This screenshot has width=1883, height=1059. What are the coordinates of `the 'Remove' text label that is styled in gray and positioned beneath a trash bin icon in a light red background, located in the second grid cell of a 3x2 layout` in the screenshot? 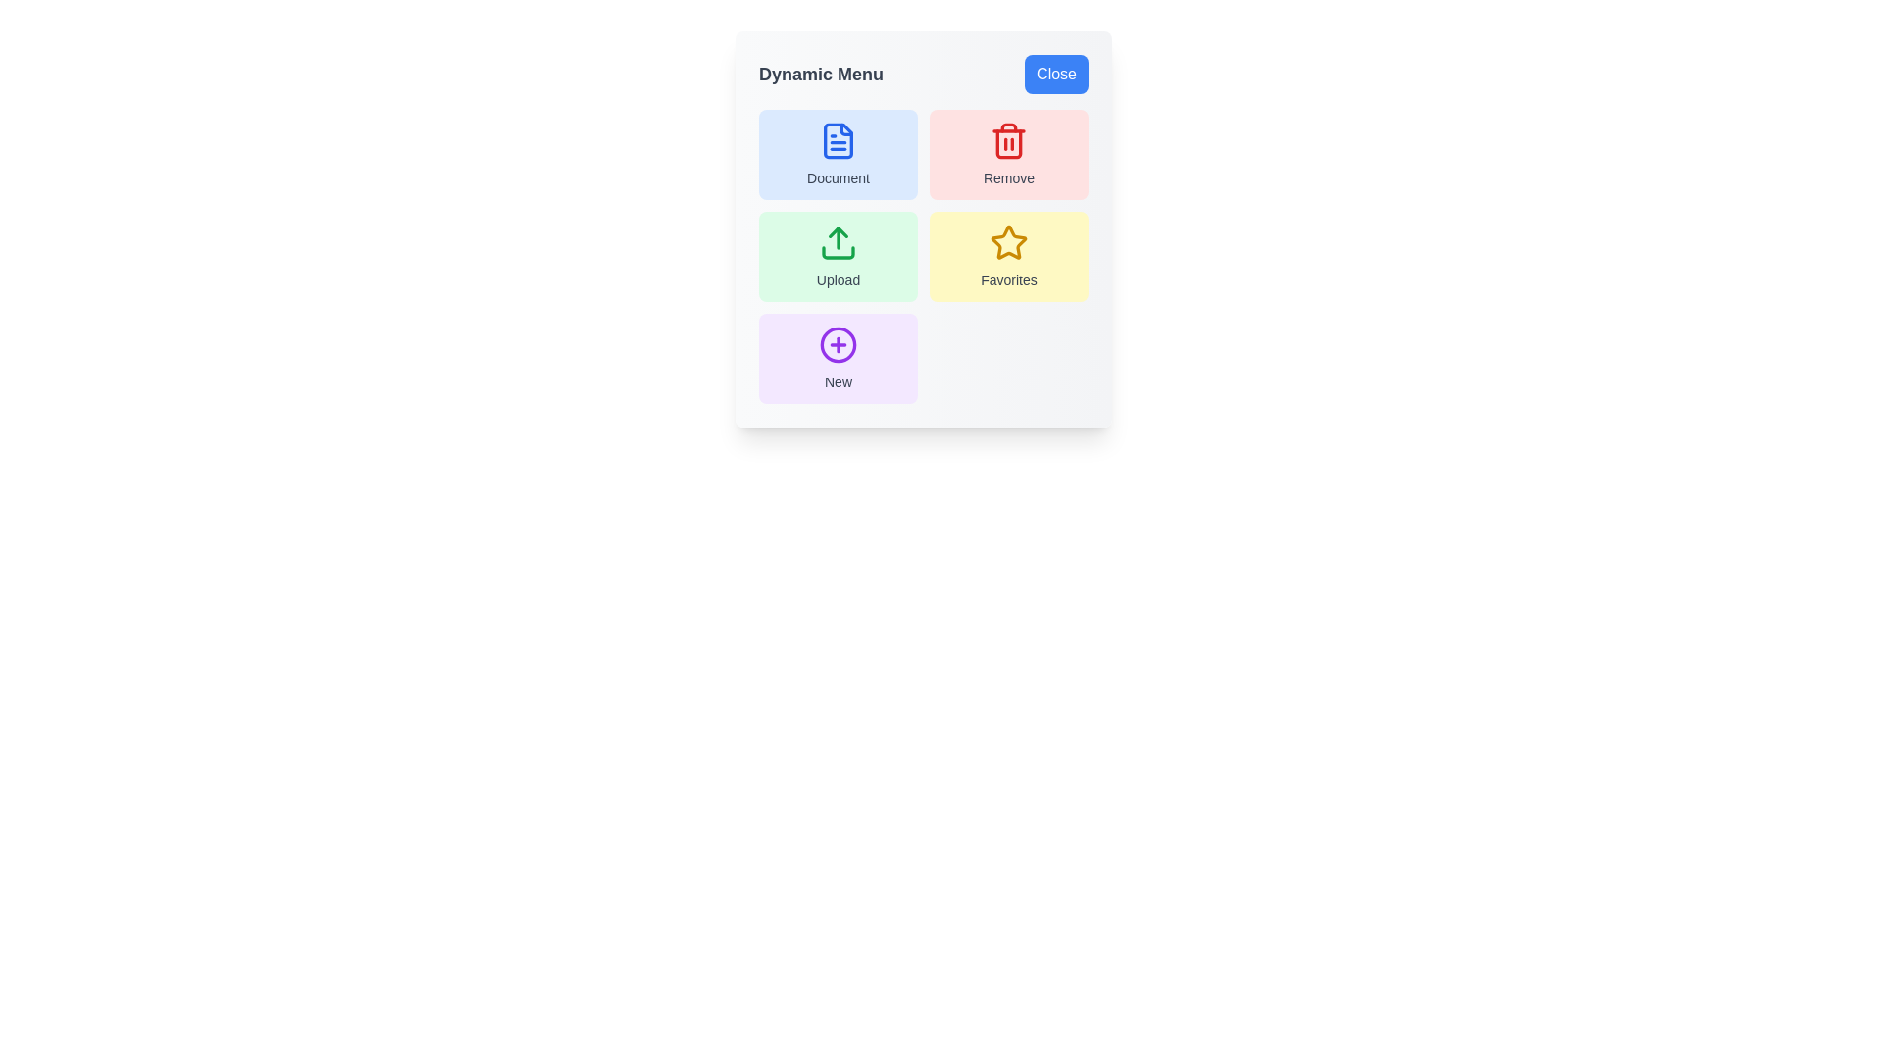 It's located at (1008, 177).